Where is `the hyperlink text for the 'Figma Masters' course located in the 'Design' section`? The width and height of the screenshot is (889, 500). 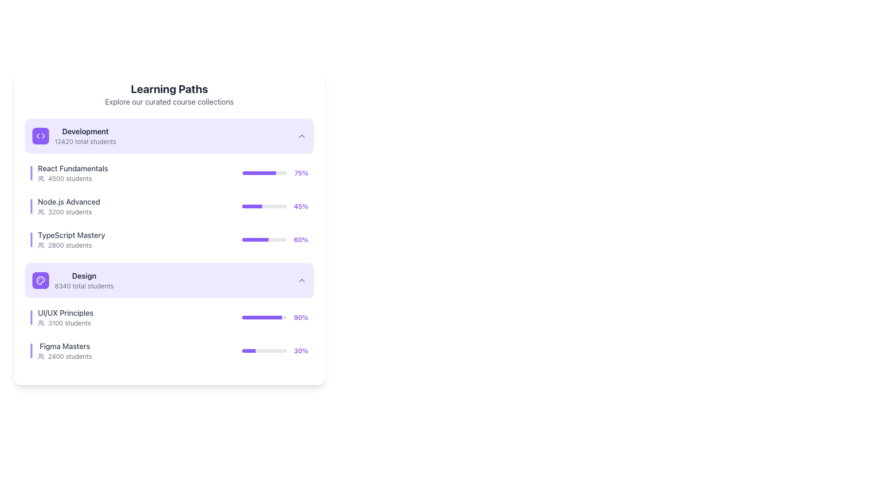 the hyperlink text for the 'Figma Masters' course located in the 'Design' section is located at coordinates (64, 346).